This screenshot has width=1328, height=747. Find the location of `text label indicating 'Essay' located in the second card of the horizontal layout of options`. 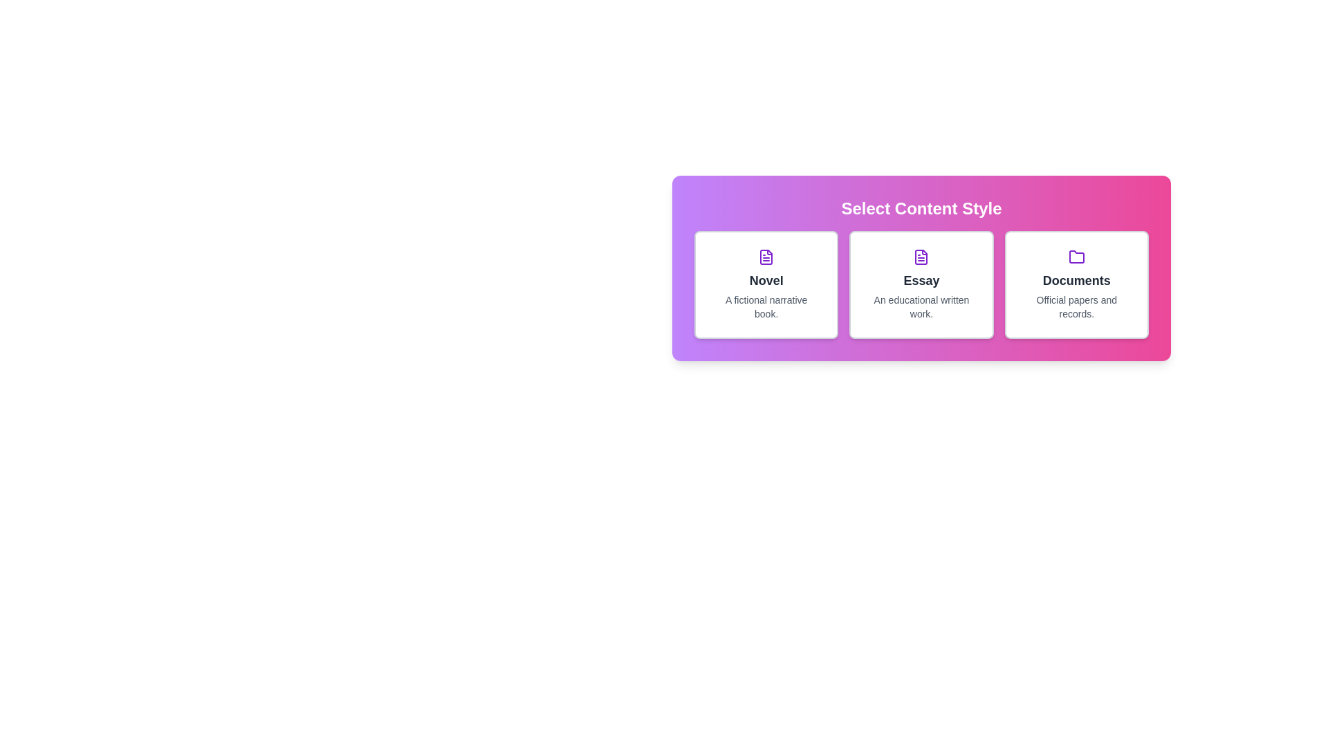

text label indicating 'Essay' located in the second card of the horizontal layout of options is located at coordinates (921, 280).